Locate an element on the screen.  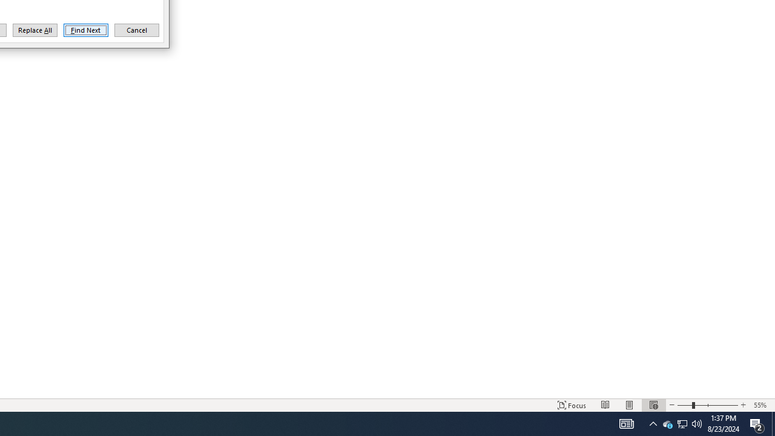
'Zoom 55%' is located at coordinates (761, 405).